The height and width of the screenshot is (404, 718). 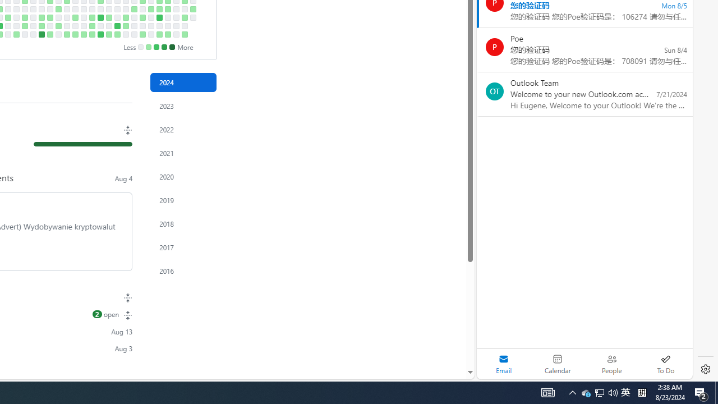 I want to click on '1 contribution on April 25th.', so click(x=49, y=17).